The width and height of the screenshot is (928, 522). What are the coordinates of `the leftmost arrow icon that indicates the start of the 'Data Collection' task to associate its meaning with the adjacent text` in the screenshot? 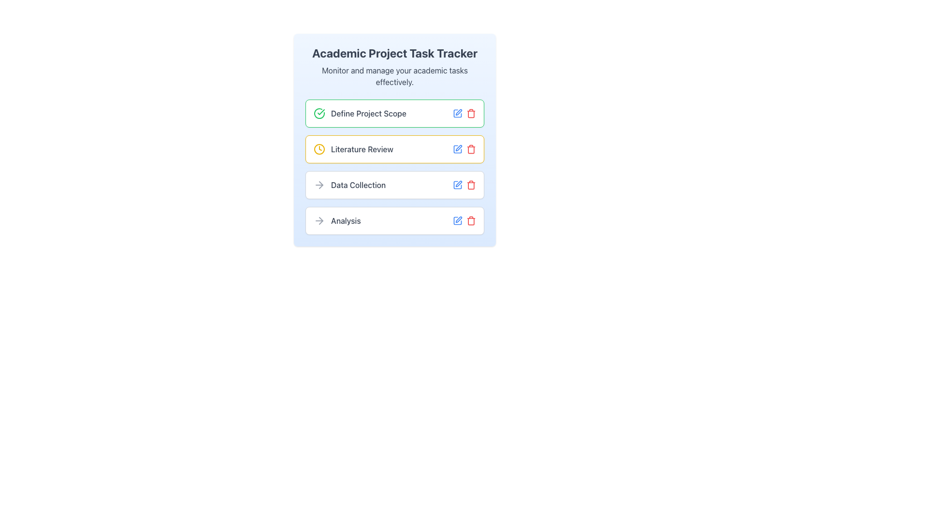 It's located at (319, 185).